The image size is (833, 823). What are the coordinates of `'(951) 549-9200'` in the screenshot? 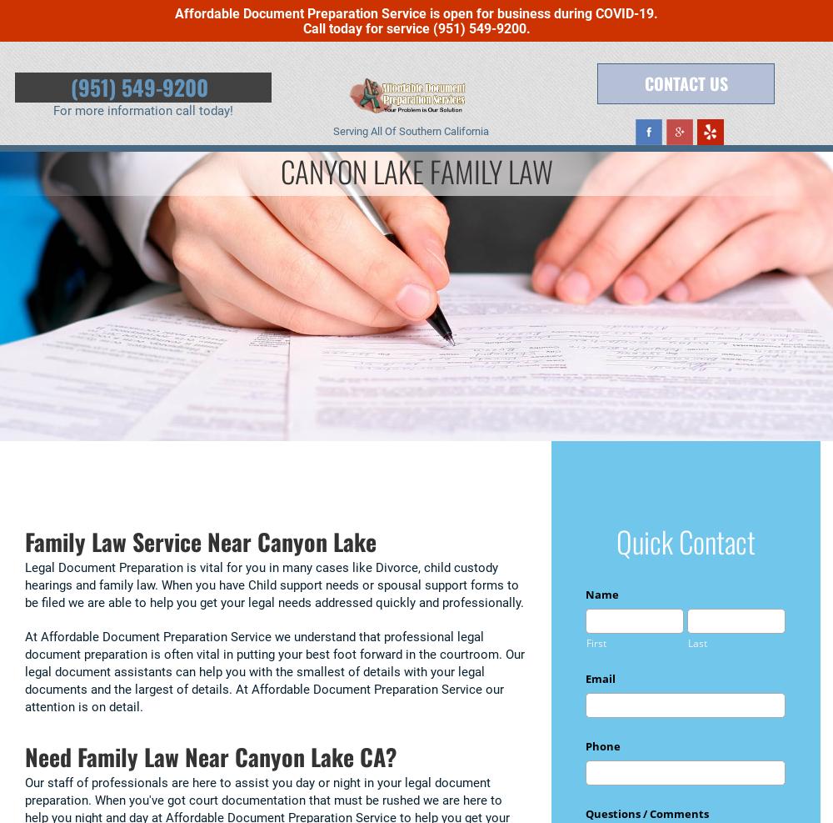 It's located at (57, 86).